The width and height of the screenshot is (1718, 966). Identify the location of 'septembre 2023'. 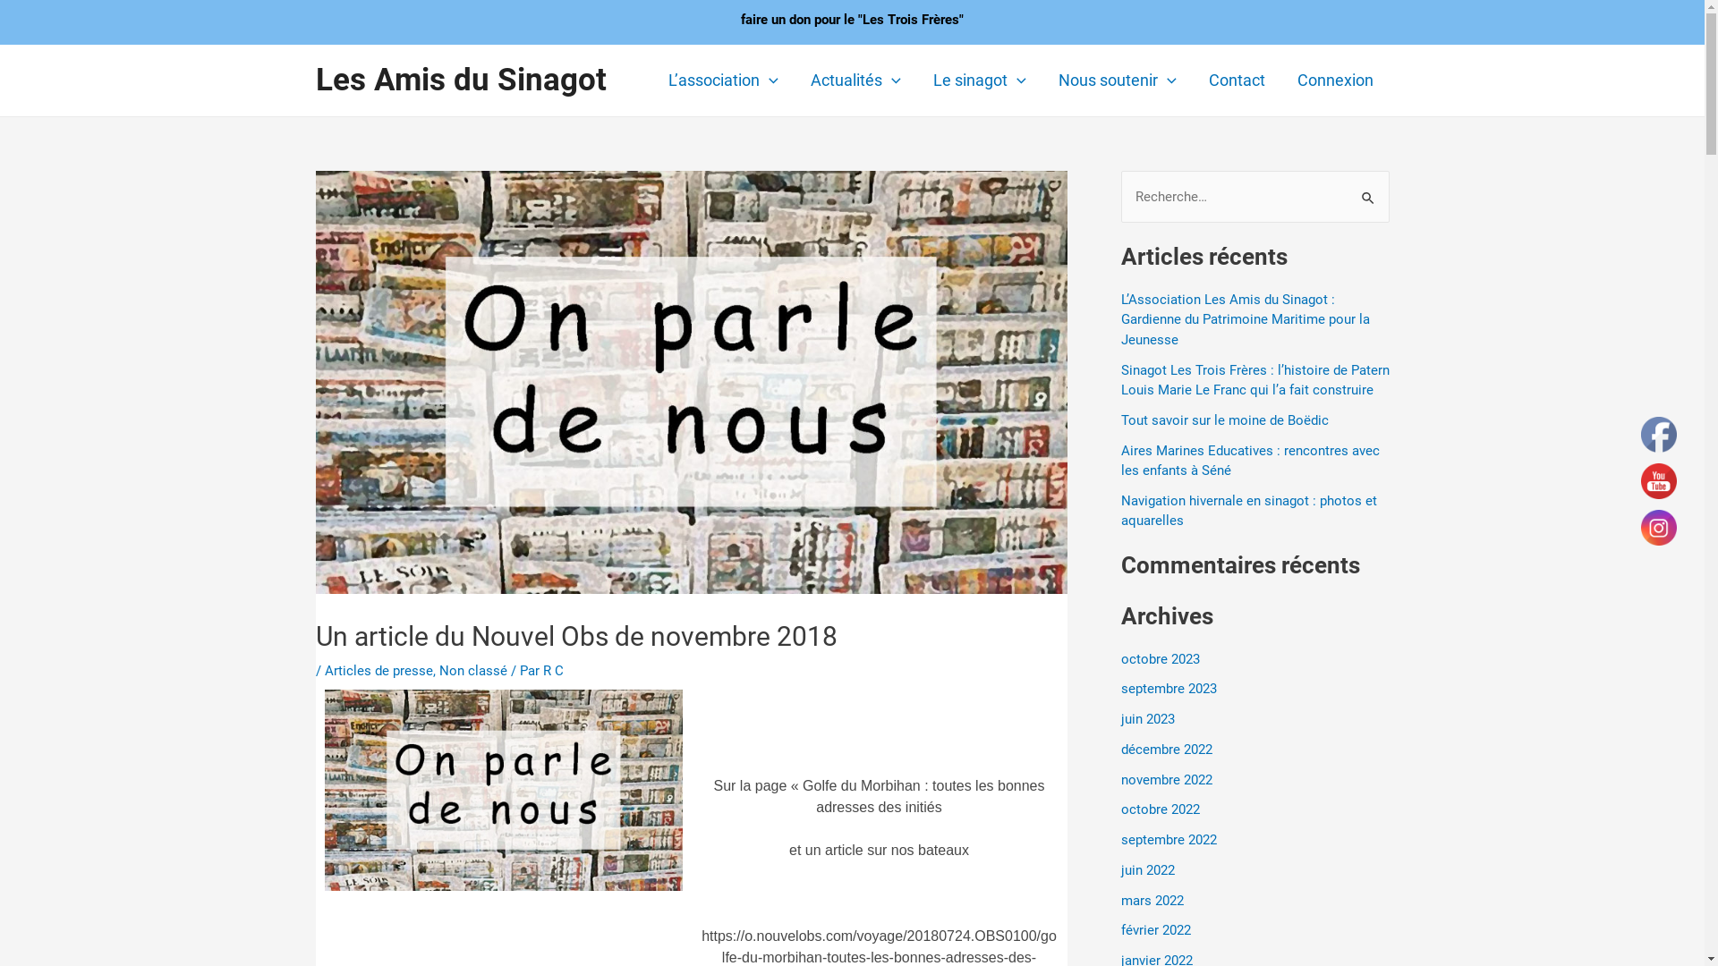
(1168, 688).